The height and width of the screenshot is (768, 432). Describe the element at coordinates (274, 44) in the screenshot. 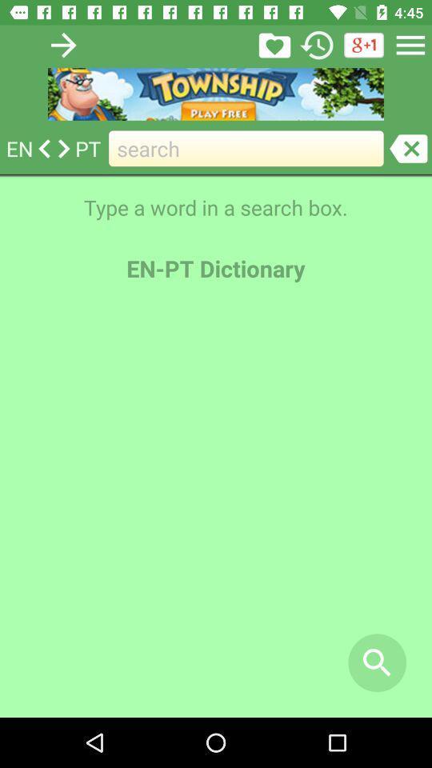

I see `share the article` at that location.